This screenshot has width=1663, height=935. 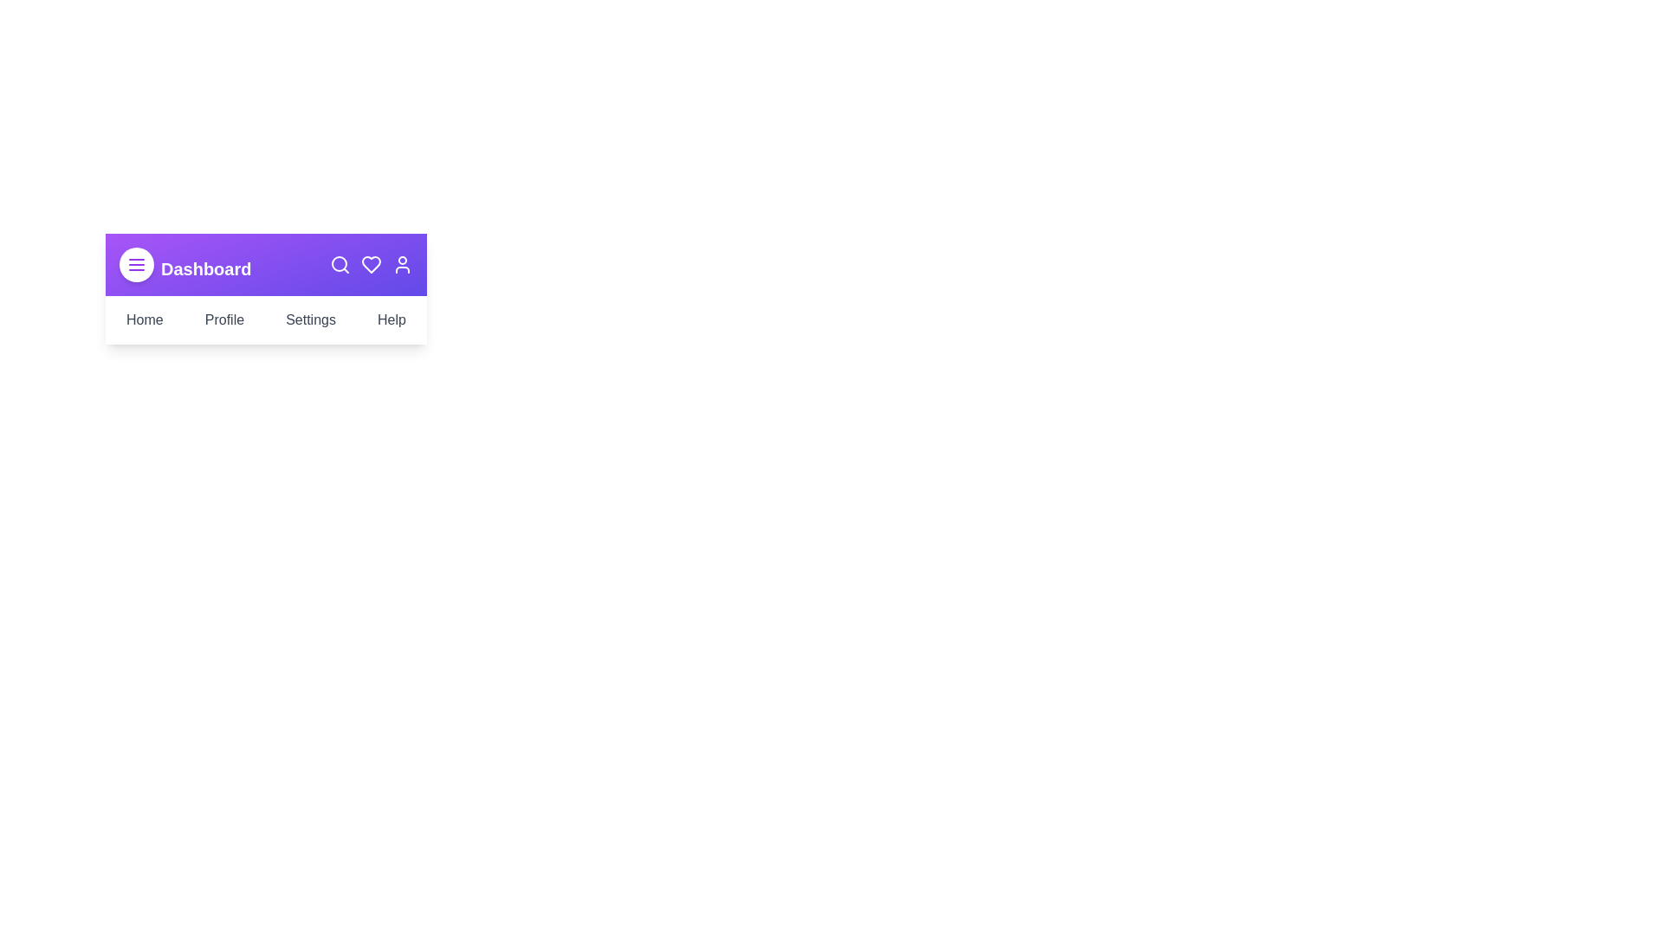 What do you see at coordinates (145, 320) in the screenshot?
I see `the Home menu item in the navigation menu` at bounding box center [145, 320].